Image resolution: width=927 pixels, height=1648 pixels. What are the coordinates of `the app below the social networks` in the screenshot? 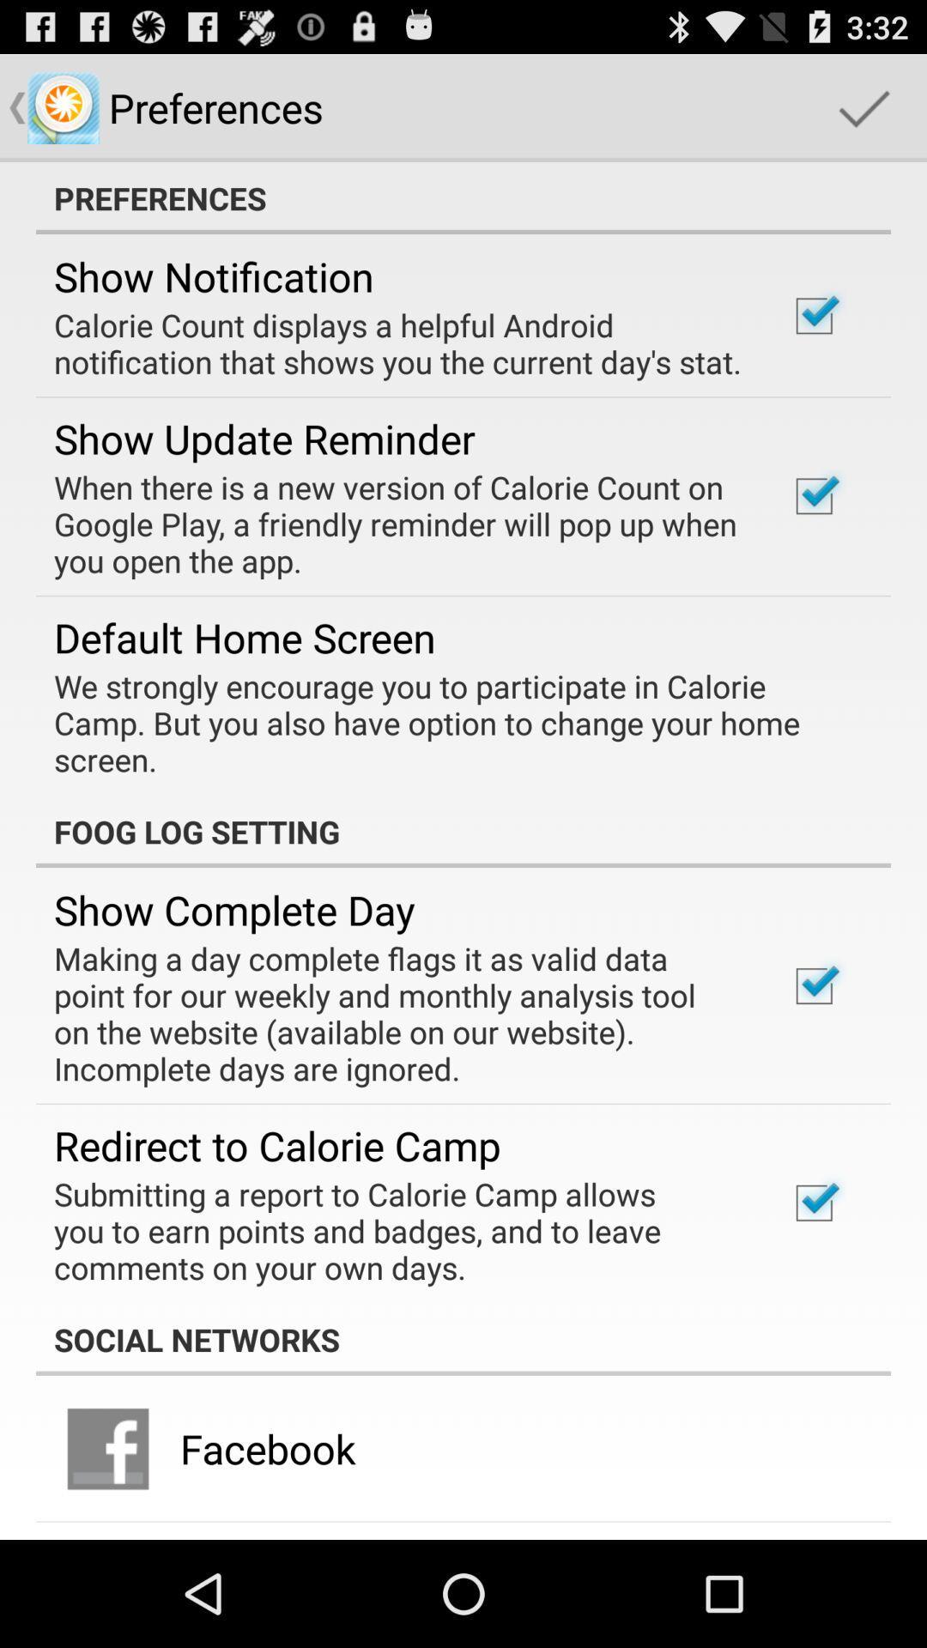 It's located at (268, 1447).